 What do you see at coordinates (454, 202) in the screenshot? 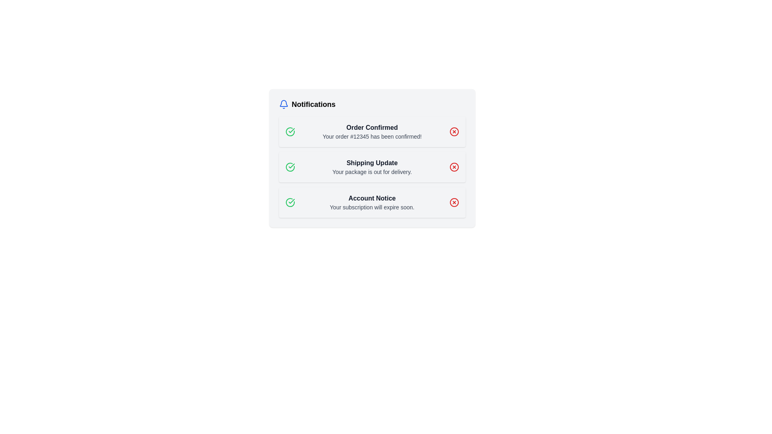
I see `the circular red Close icon with a white border and a white 'X' symbol` at bounding box center [454, 202].